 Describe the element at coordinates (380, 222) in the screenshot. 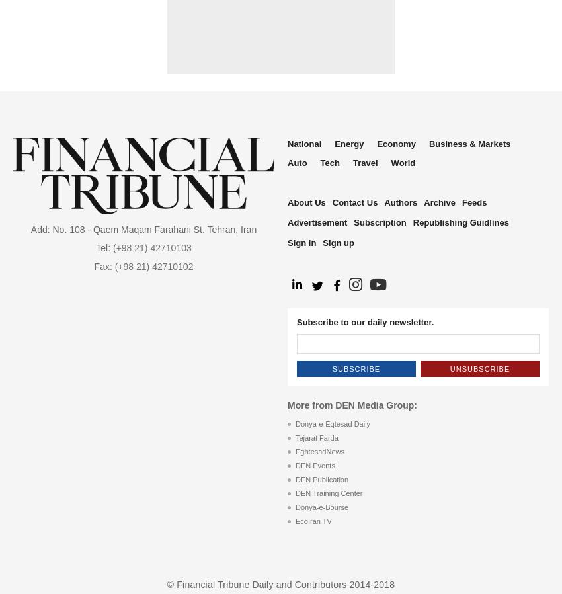

I see `'Subscription'` at that location.